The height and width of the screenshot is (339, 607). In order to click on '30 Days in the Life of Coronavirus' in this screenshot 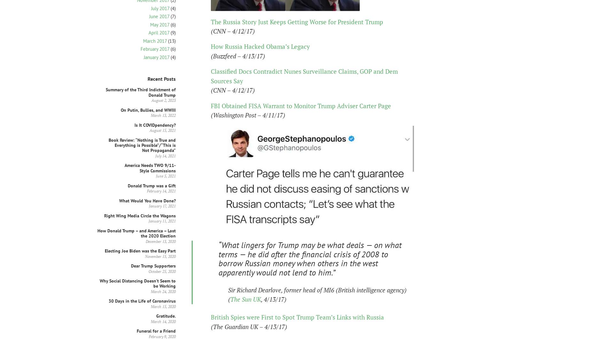, I will do `click(142, 300)`.